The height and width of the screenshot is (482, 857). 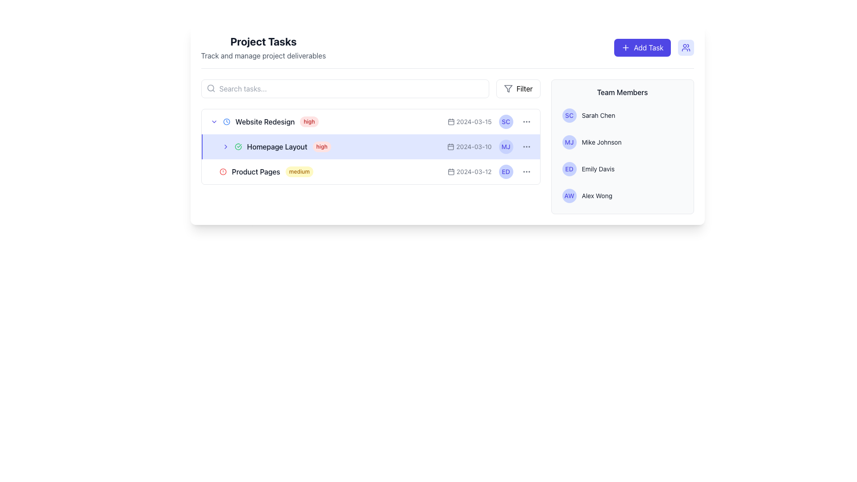 I want to click on or click the 'Filter' button on the Search and filter bar, so click(x=370, y=89).